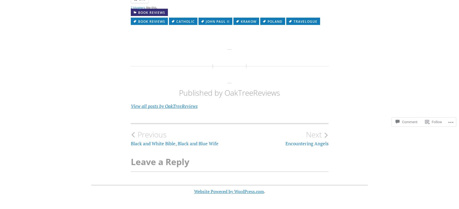  What do you see at coordinates (305, 21) in the screenshot?
I see `'travelogue'` at bounding box center [305, 21].